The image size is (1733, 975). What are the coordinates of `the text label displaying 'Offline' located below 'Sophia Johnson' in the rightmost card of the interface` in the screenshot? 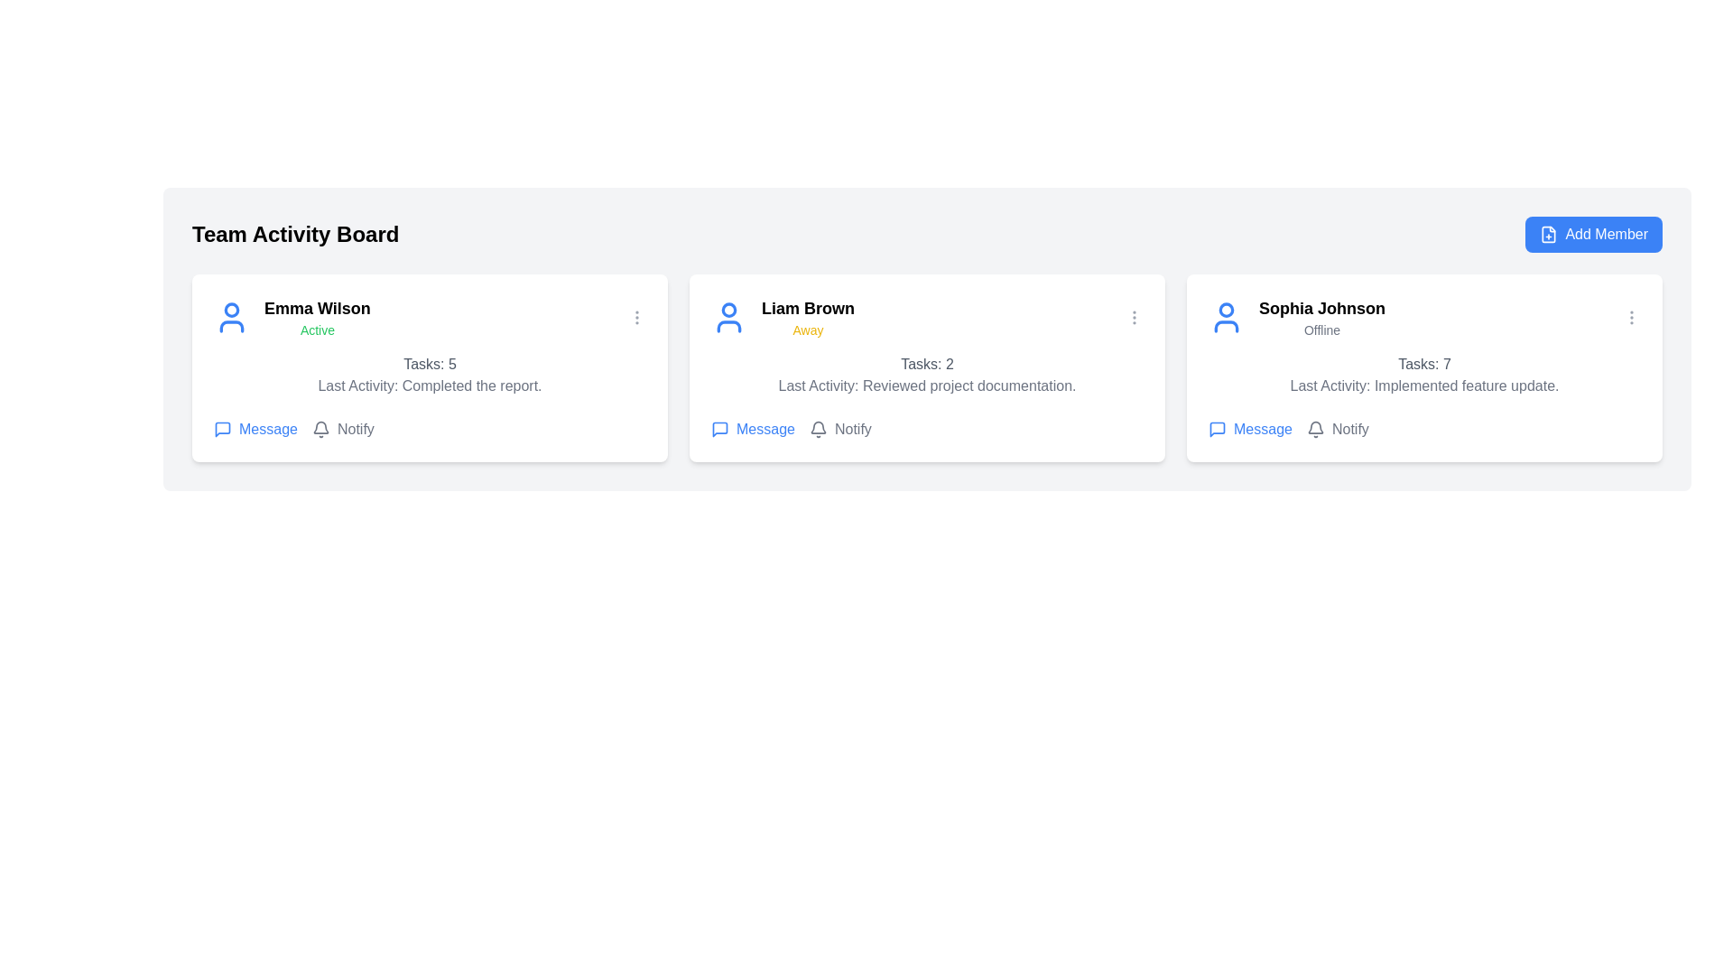 It's located at (1321, 330).